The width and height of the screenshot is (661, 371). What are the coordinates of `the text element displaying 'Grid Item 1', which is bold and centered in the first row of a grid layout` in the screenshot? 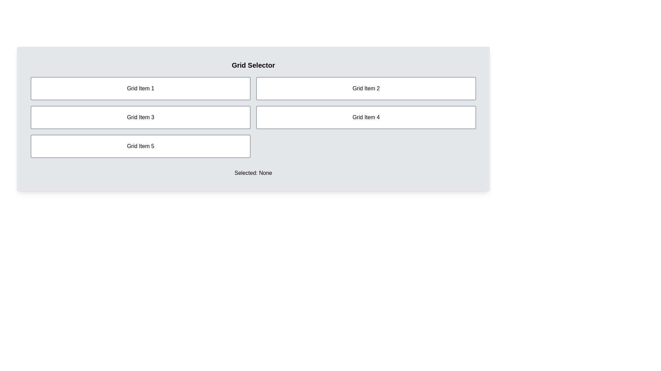 It's located at (140, 88).